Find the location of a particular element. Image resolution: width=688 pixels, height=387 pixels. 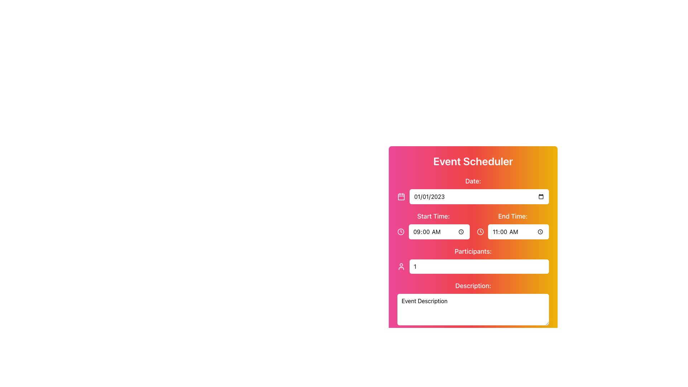

the Date Input Field in the 'Event Scheduler' form to focus on it is located at coordinates (479, 196).